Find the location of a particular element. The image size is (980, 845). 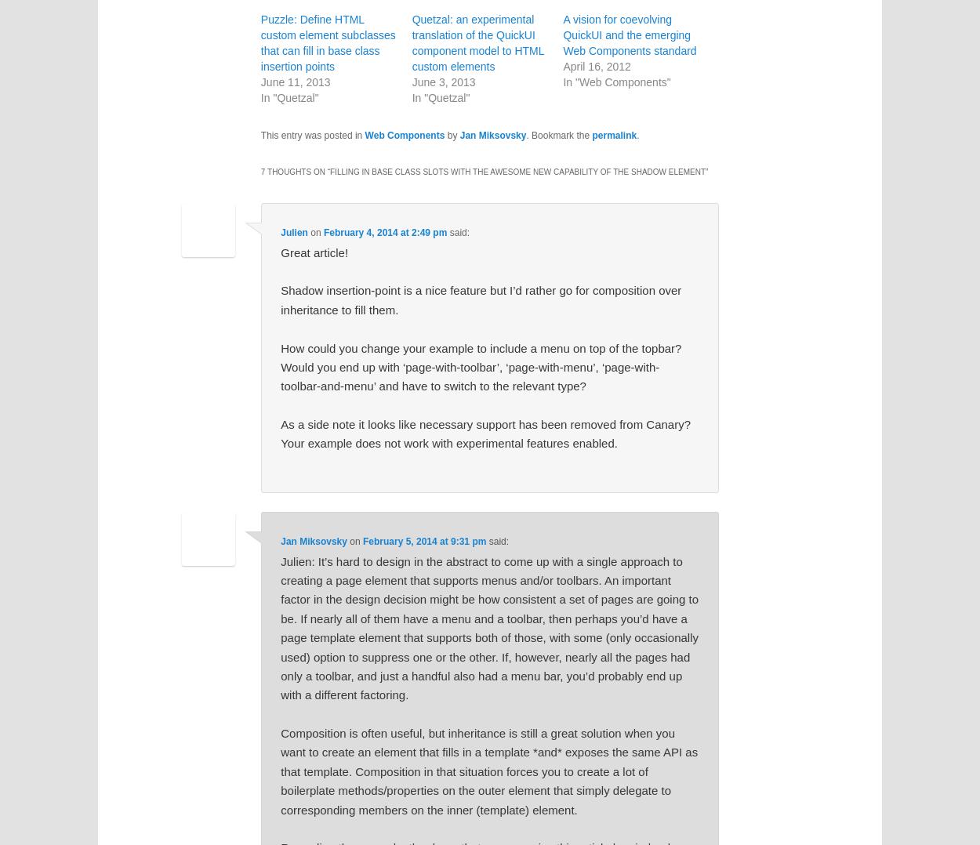

'.' is located at coordinates (637, 135).